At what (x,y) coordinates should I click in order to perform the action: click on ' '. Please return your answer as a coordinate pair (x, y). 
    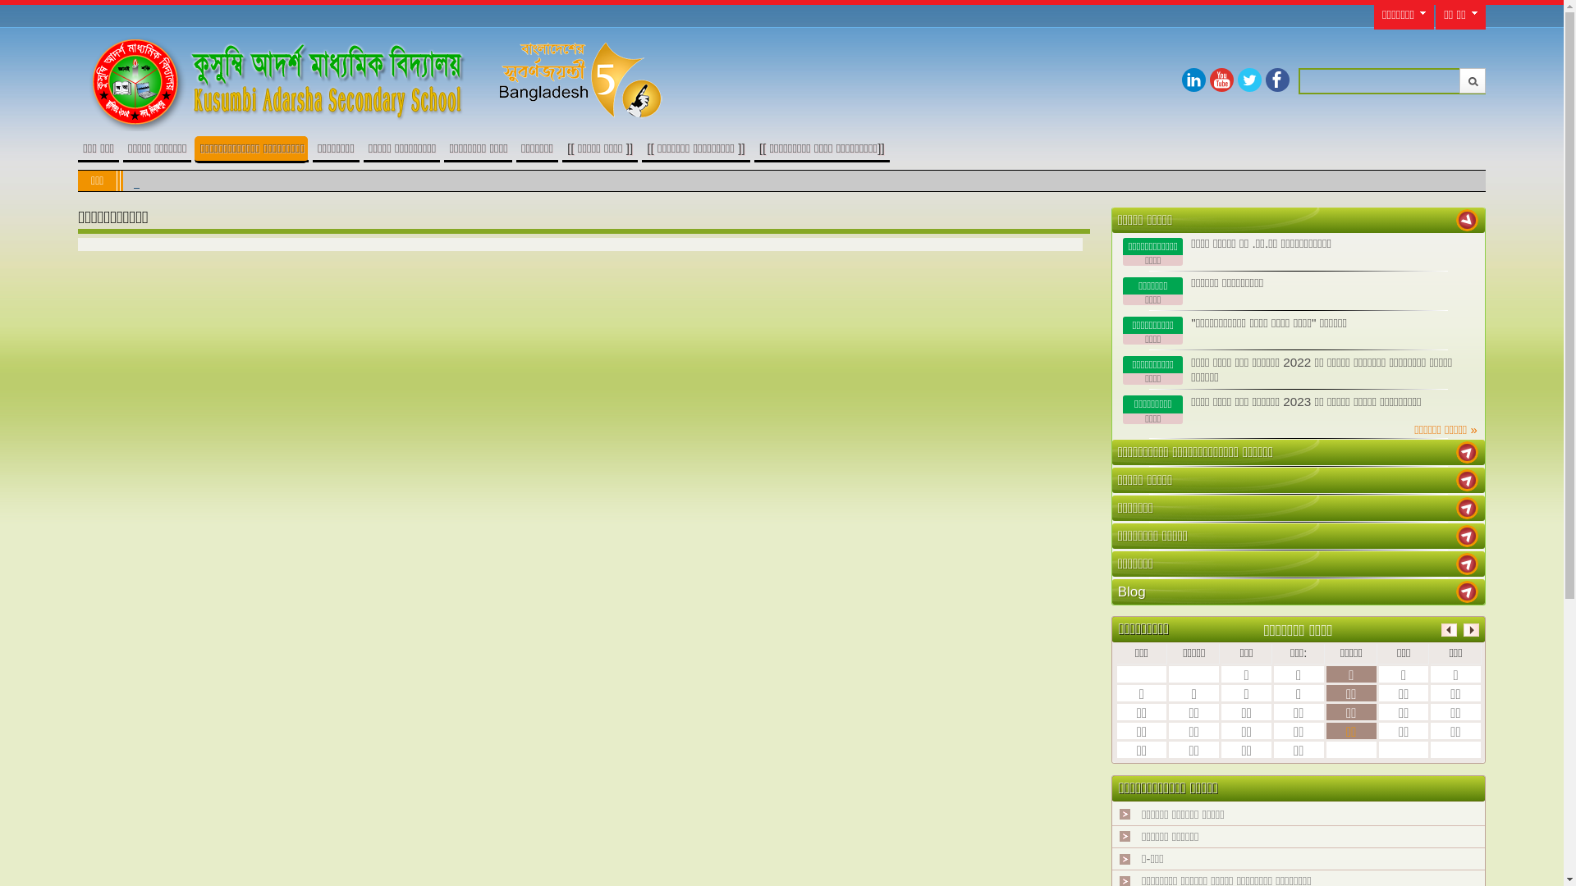
    Looking at the image, I should click on (1467, 452).